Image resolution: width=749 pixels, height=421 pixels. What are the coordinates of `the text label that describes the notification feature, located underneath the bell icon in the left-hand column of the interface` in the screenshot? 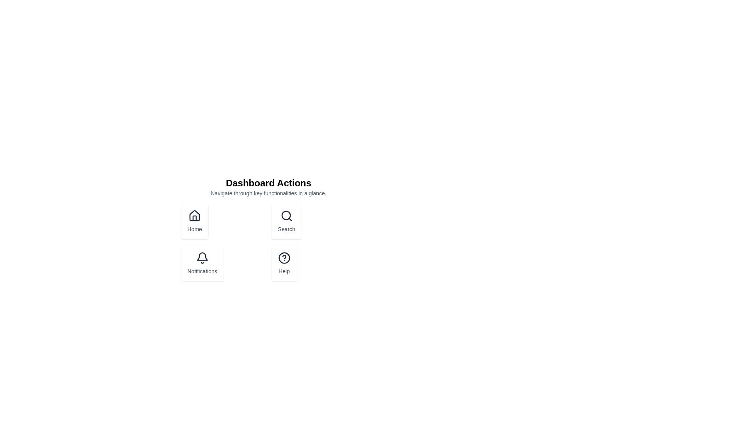 It's located at (202, 271).